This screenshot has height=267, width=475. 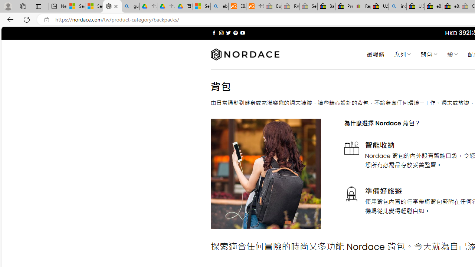 I want to click on 'Follow on YouTube', so click(x=242, y=33).